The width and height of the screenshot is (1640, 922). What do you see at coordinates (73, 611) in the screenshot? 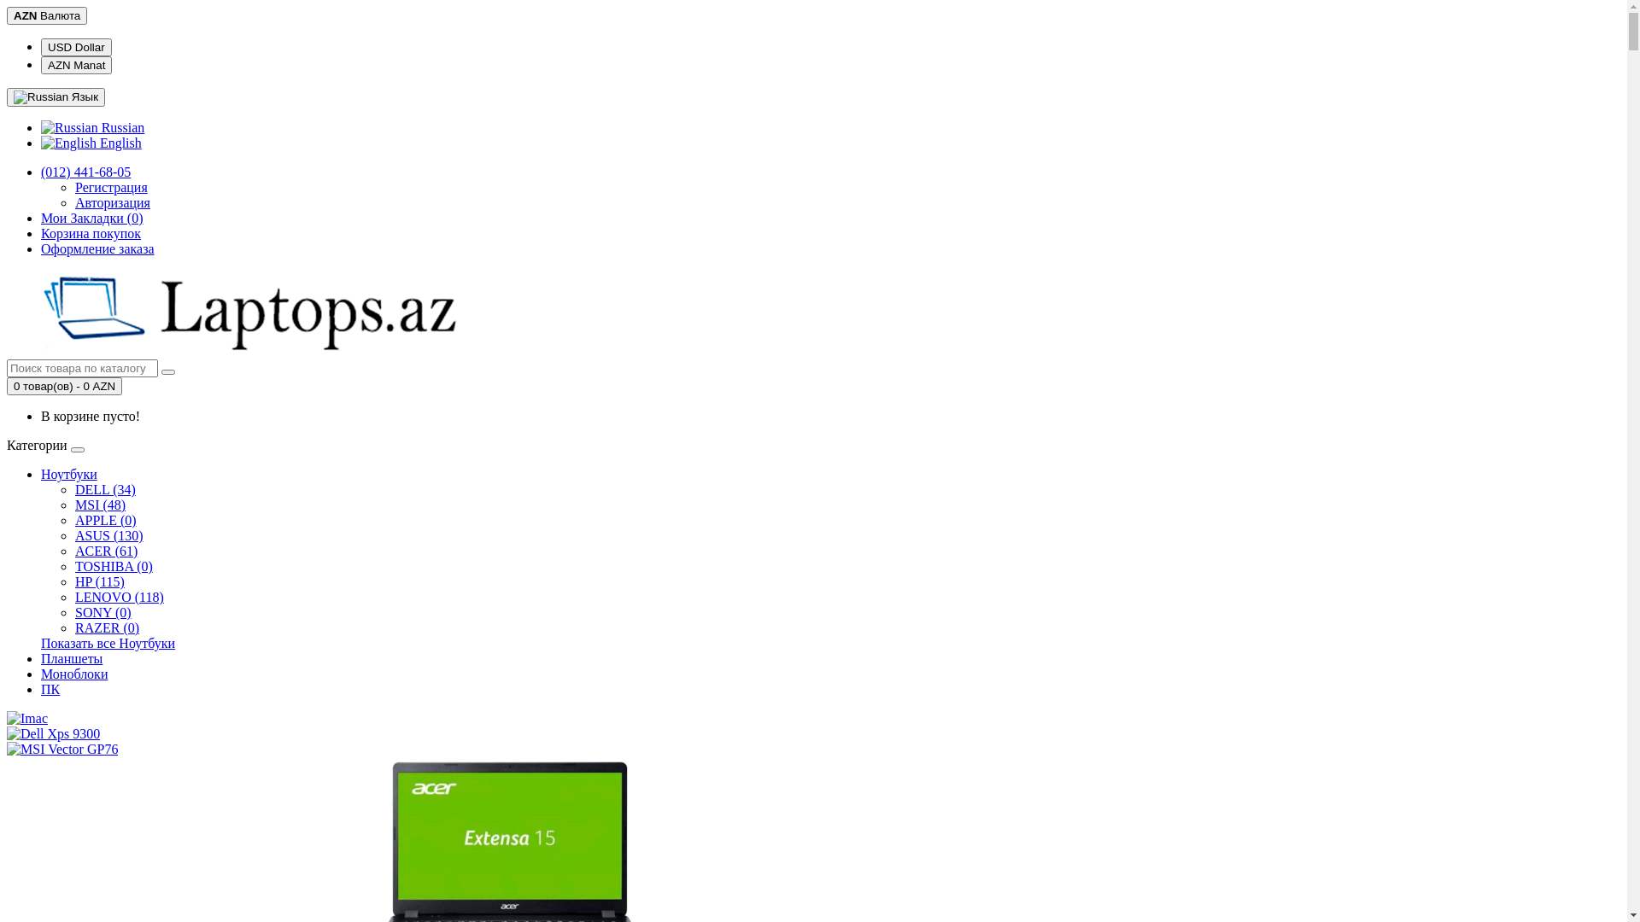
I see `'SONY (0)'` at bounding box center [73, 611].